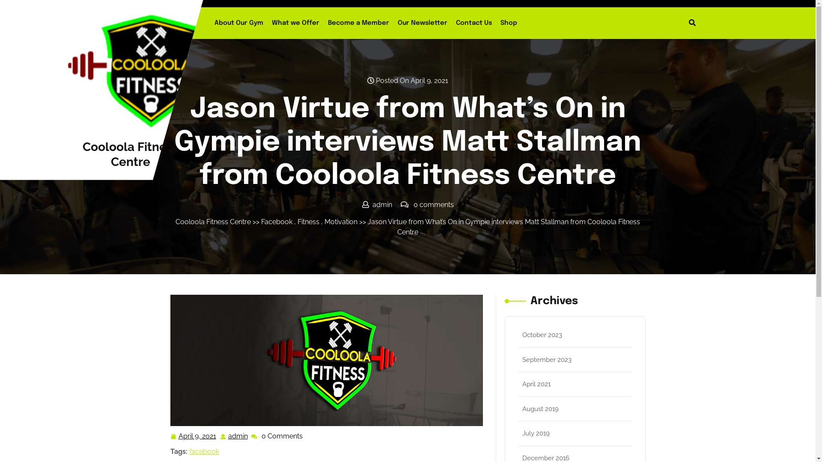 This screenshot has width=822, height=462. I want to click on 'What we Offer', so click(295, 22).